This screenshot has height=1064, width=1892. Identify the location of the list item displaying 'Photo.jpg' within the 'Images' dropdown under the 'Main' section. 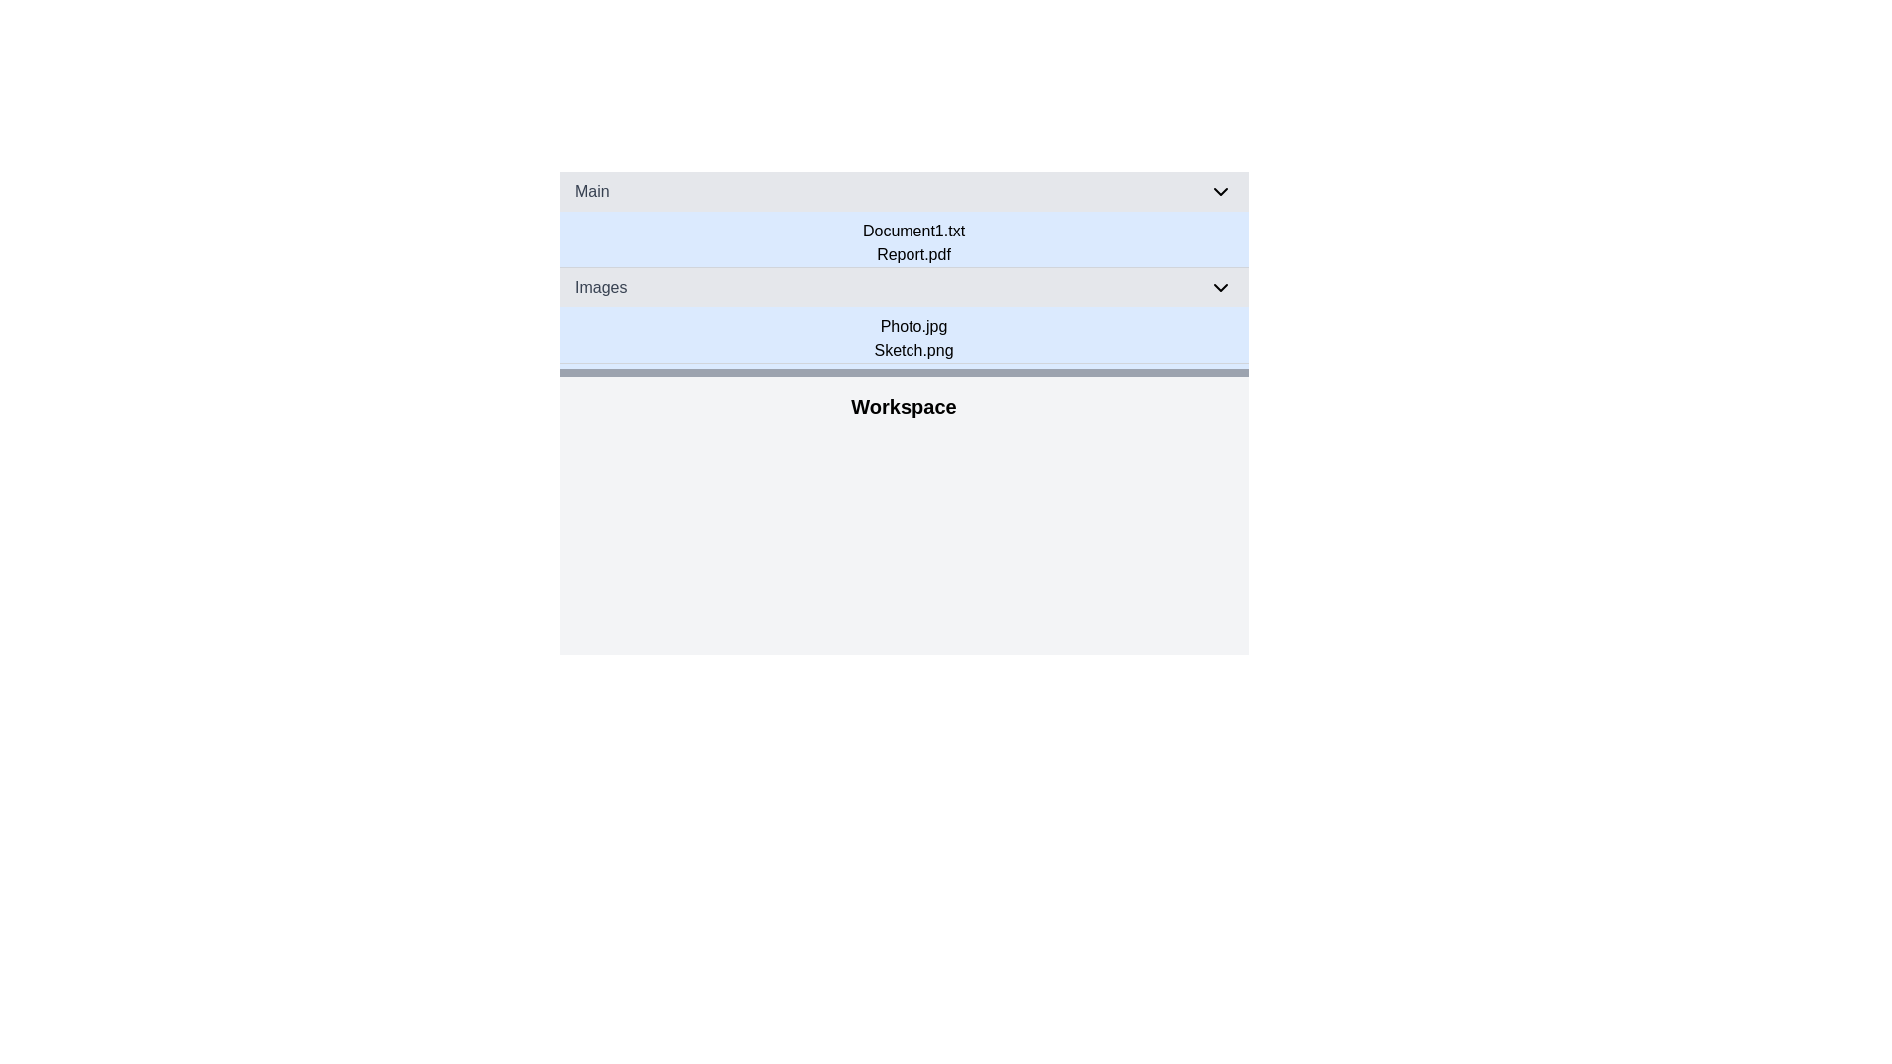
(912, 325).